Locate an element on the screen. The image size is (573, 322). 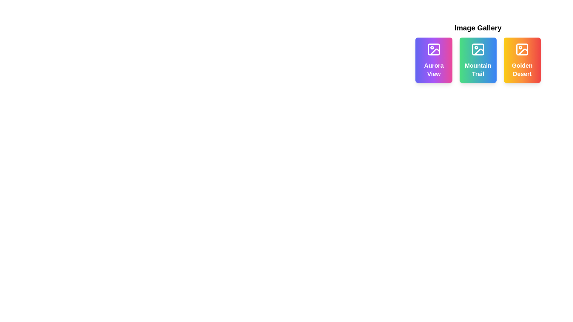
the center icon representing the Mountain Trail in the row of three icons is located at coordinates (479, 51).